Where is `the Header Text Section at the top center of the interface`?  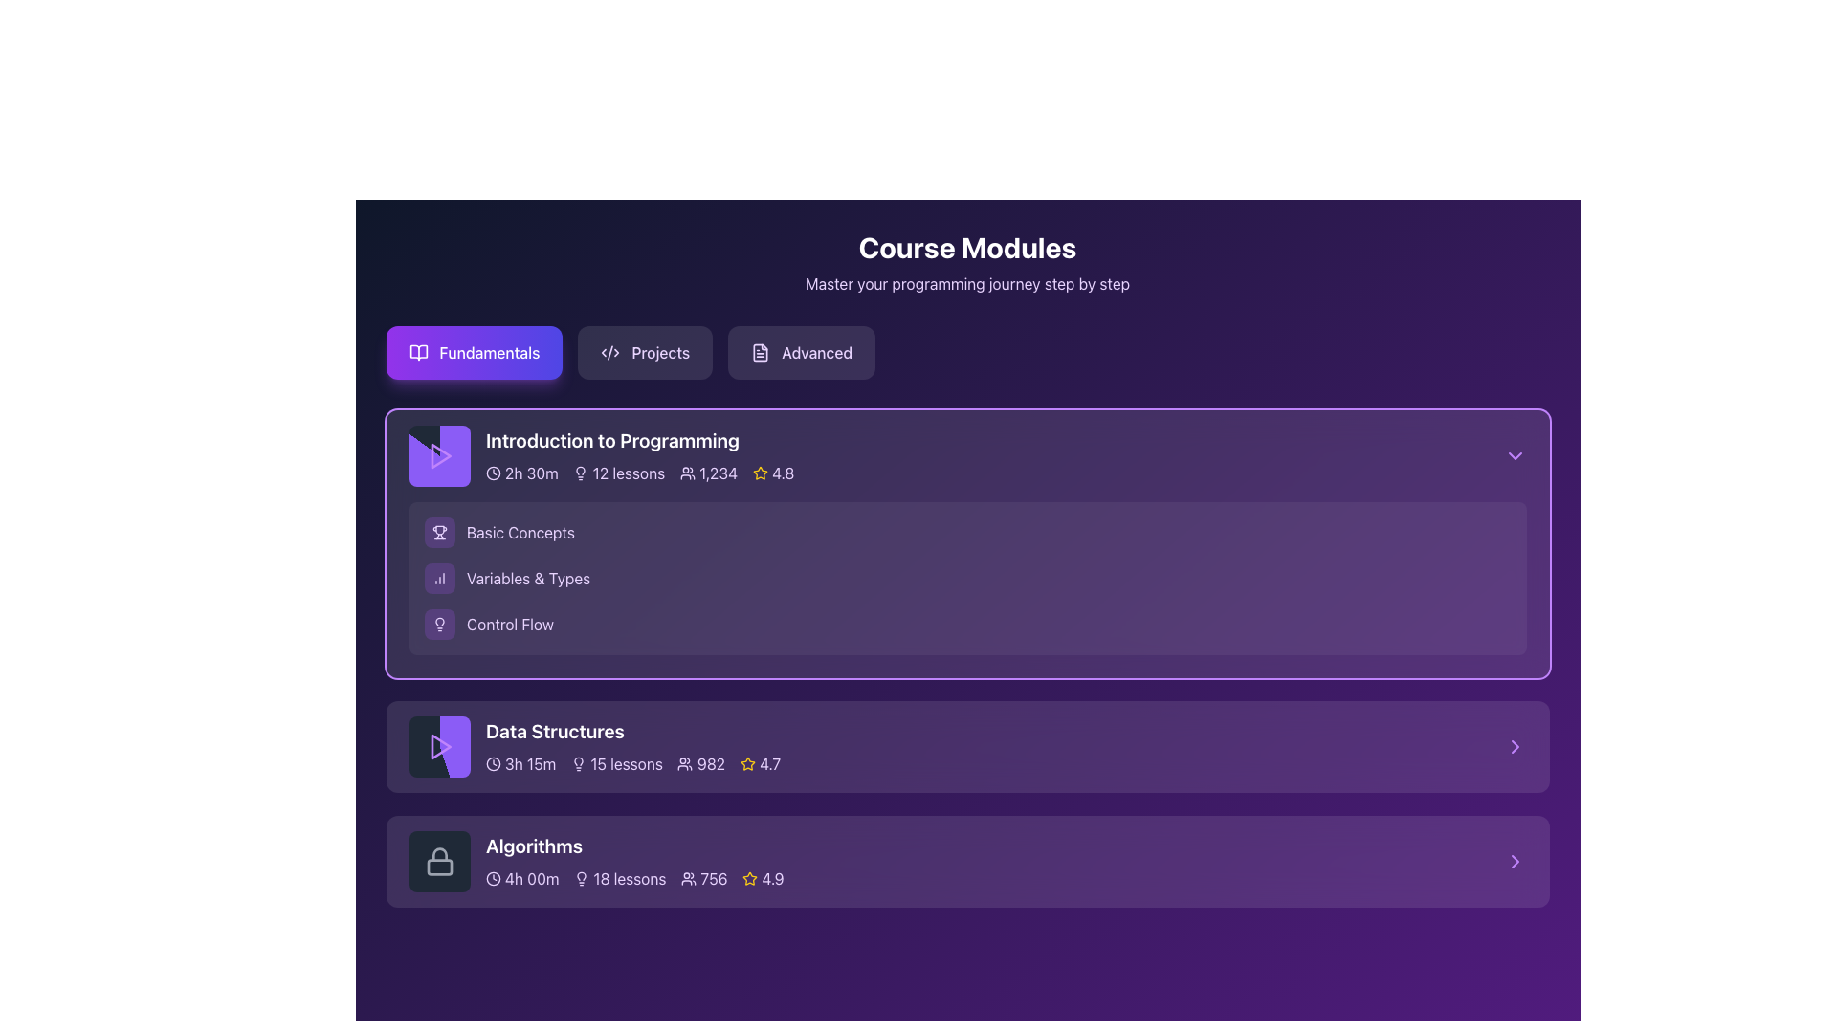 the Header Text Section at the top center of the interface is located at coordinates (967, 262).